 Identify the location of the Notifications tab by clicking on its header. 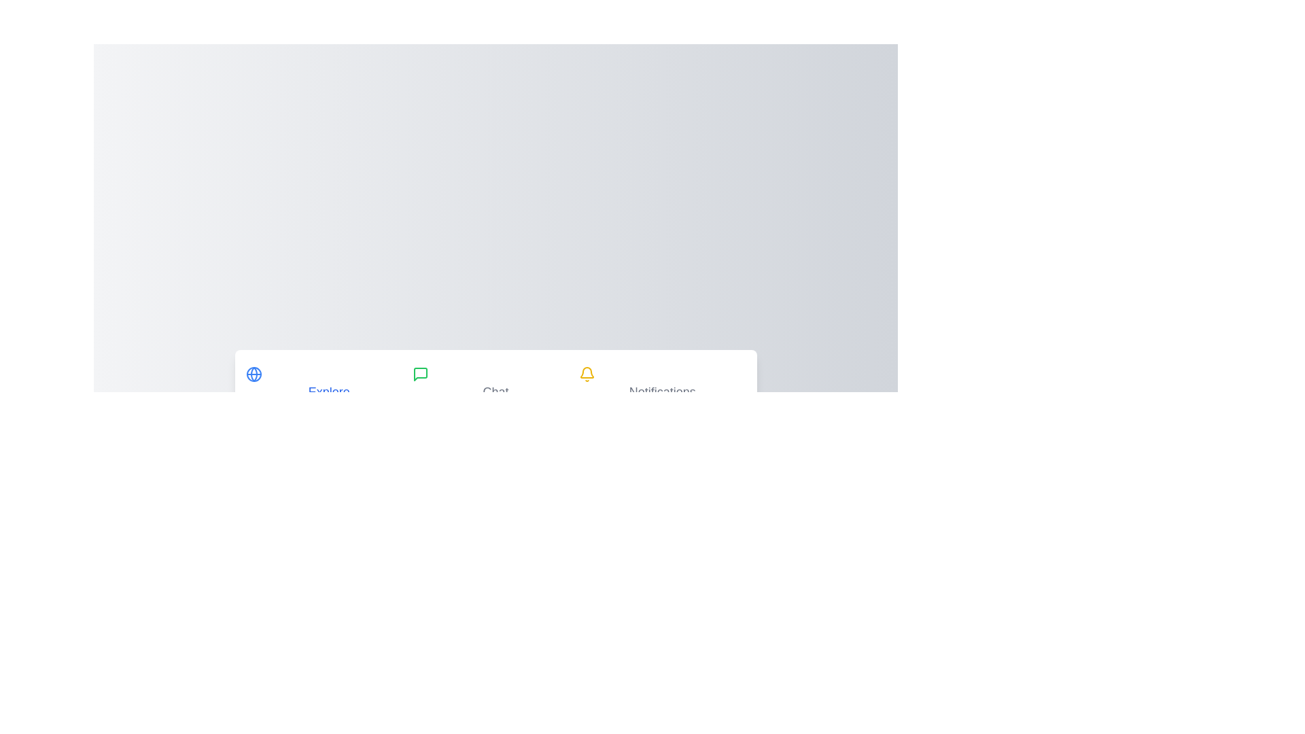
(662, 385).